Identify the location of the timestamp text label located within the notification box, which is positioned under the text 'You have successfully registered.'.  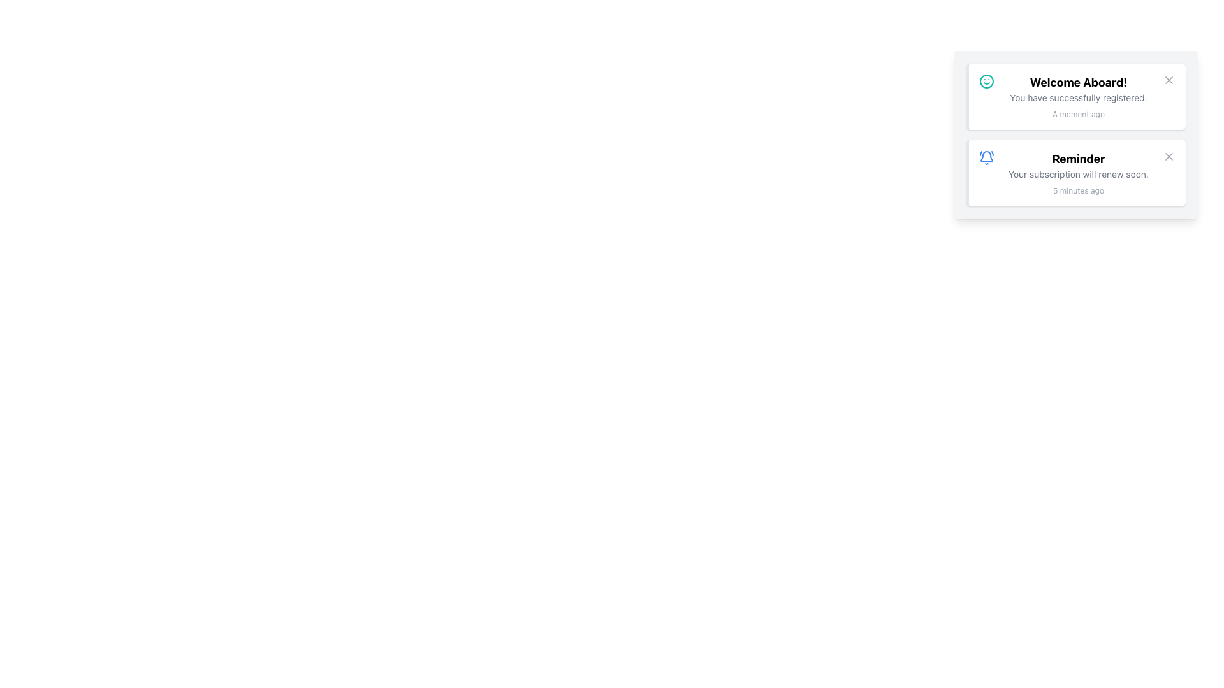
(1077, 115).